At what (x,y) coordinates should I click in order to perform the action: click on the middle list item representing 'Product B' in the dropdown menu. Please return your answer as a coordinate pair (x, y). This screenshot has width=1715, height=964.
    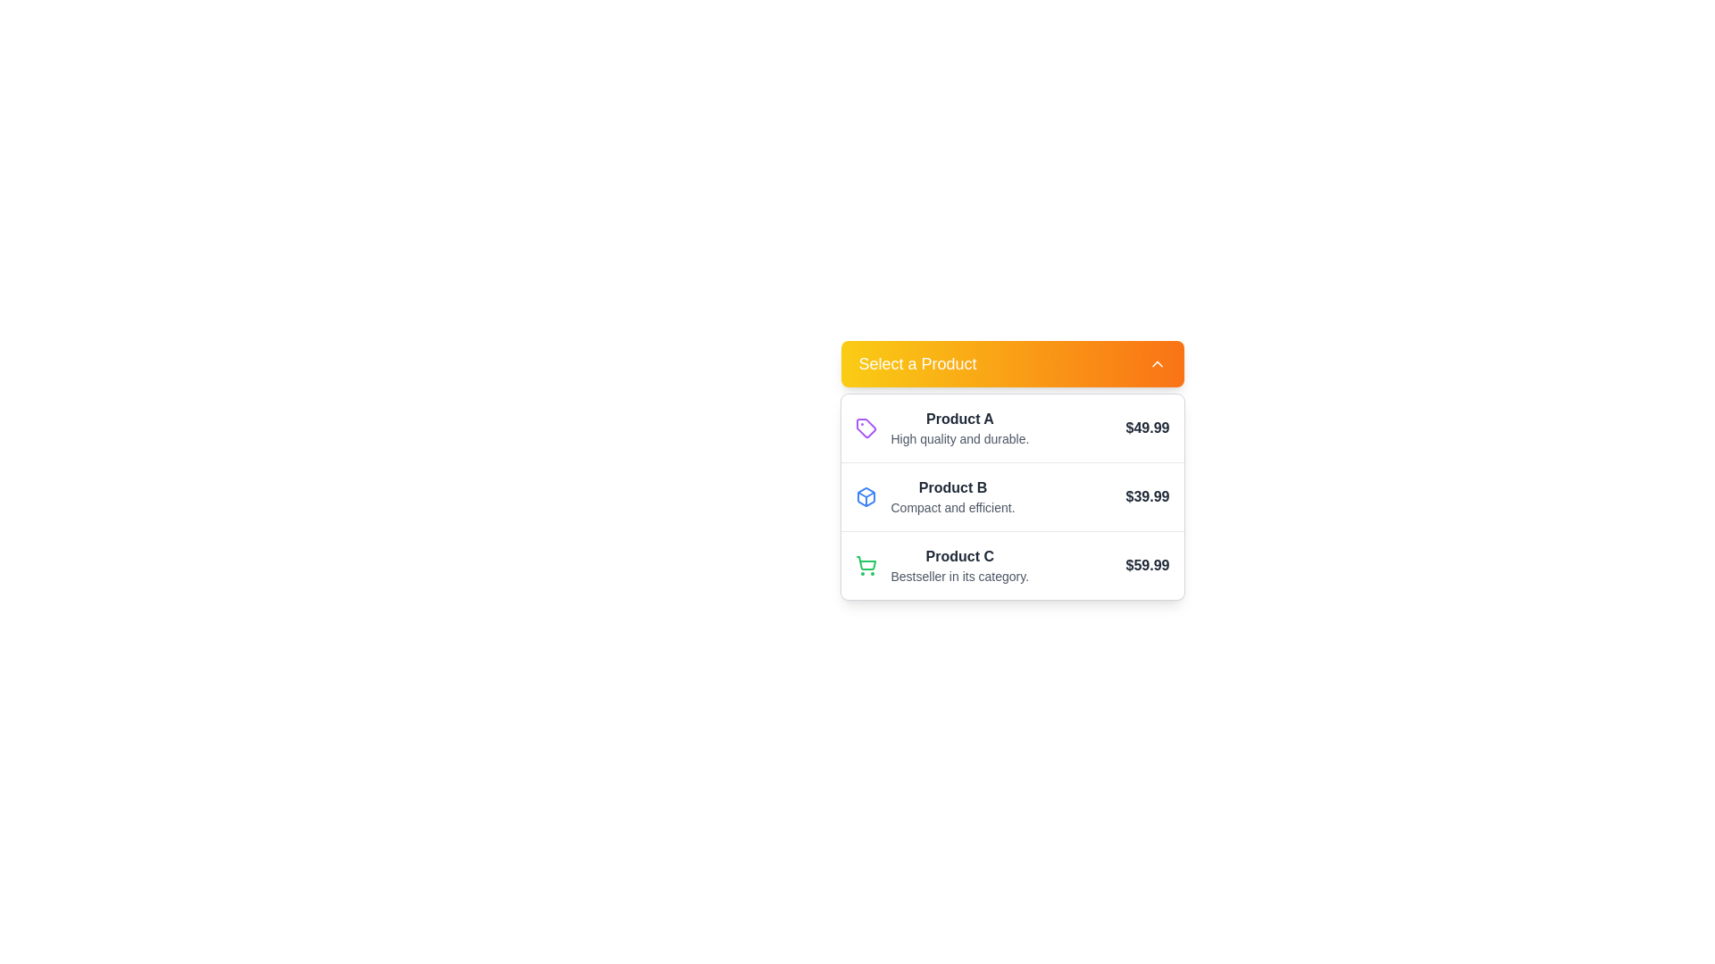
    Looking at the image, I should click on (1012, 496).